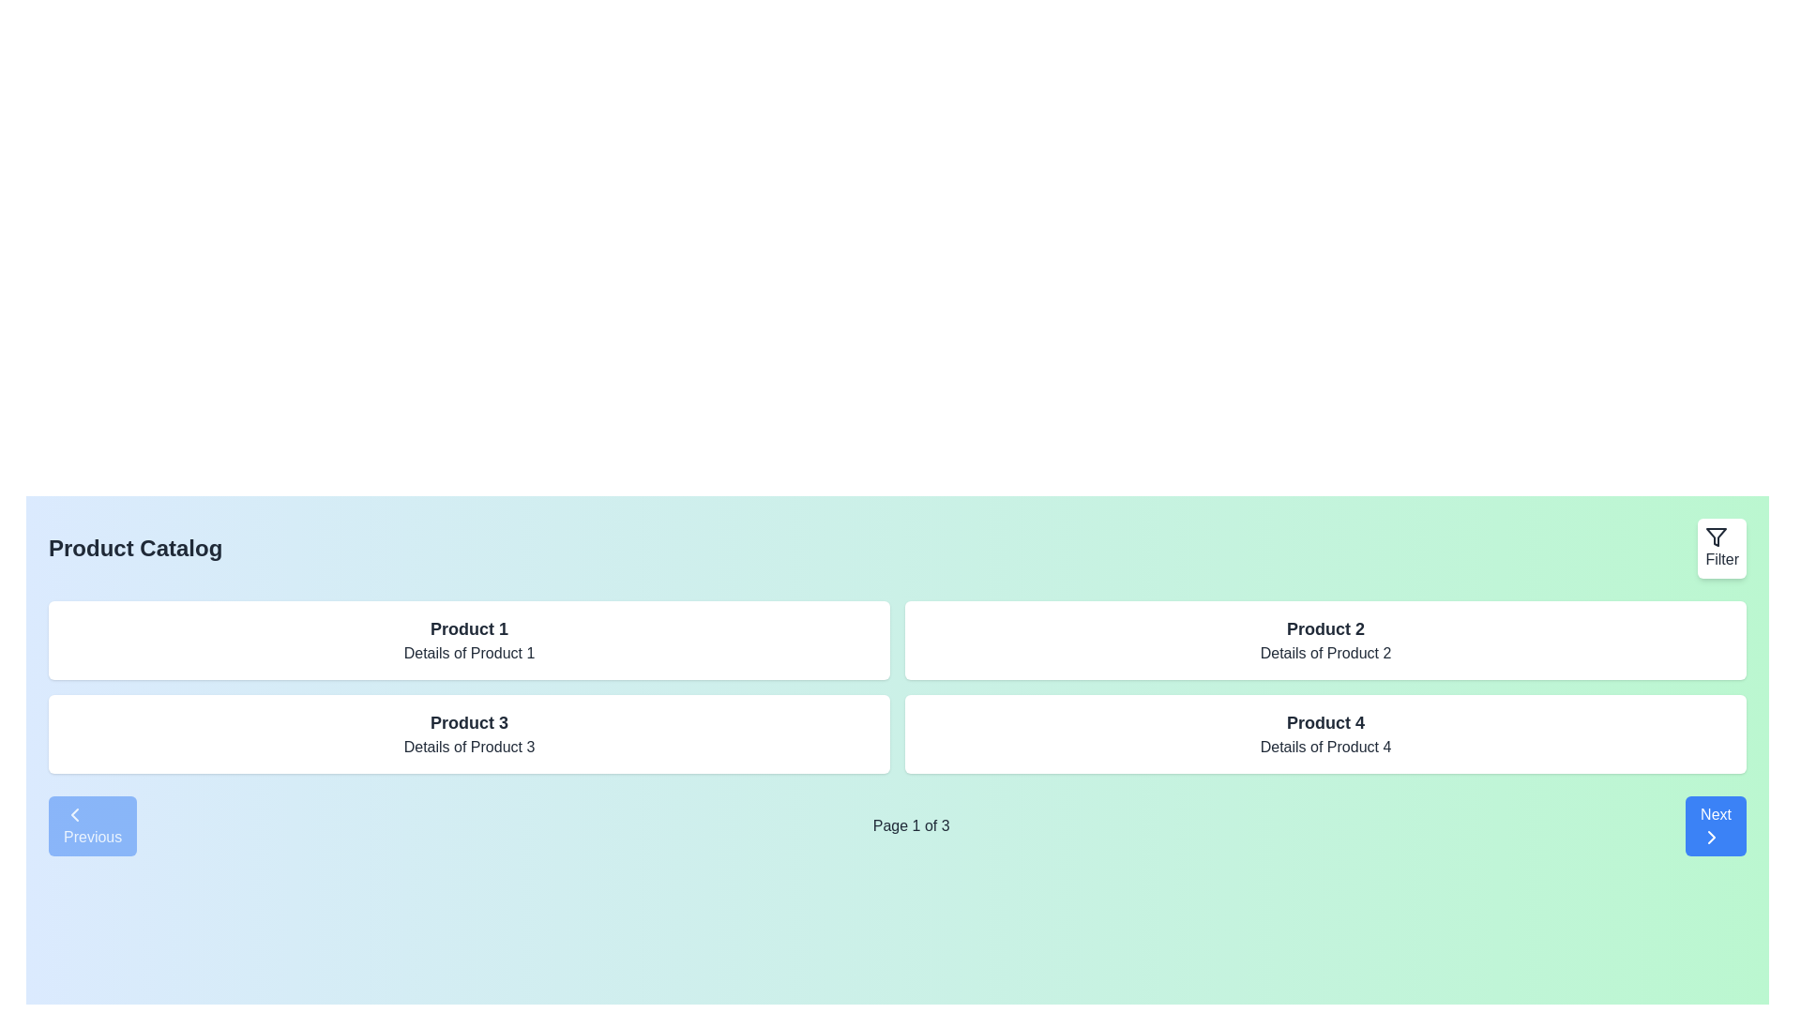 The width and height of the screenshot is (1801, 1013). I want to click on text content of the Card component that contains the title 'Product 4' and the description 'Details of Product 4', which is the fourth item in a grid layout, so click(1324, 733).